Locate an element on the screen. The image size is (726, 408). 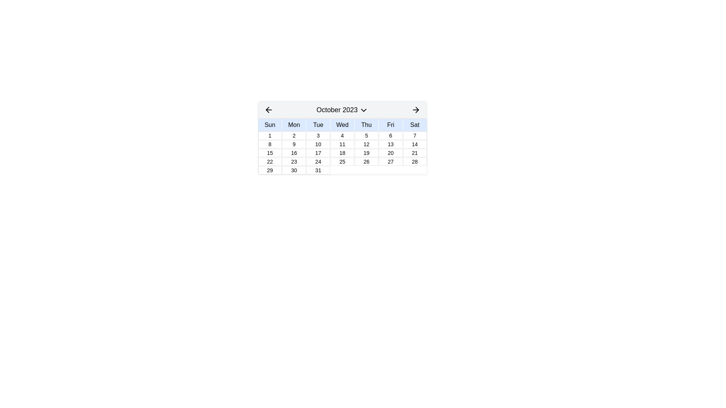
the Text Label indicating 'Wed' in the calendar header, which is the fourth element in a row of day abbreviations is located at coordinates (342, 125).